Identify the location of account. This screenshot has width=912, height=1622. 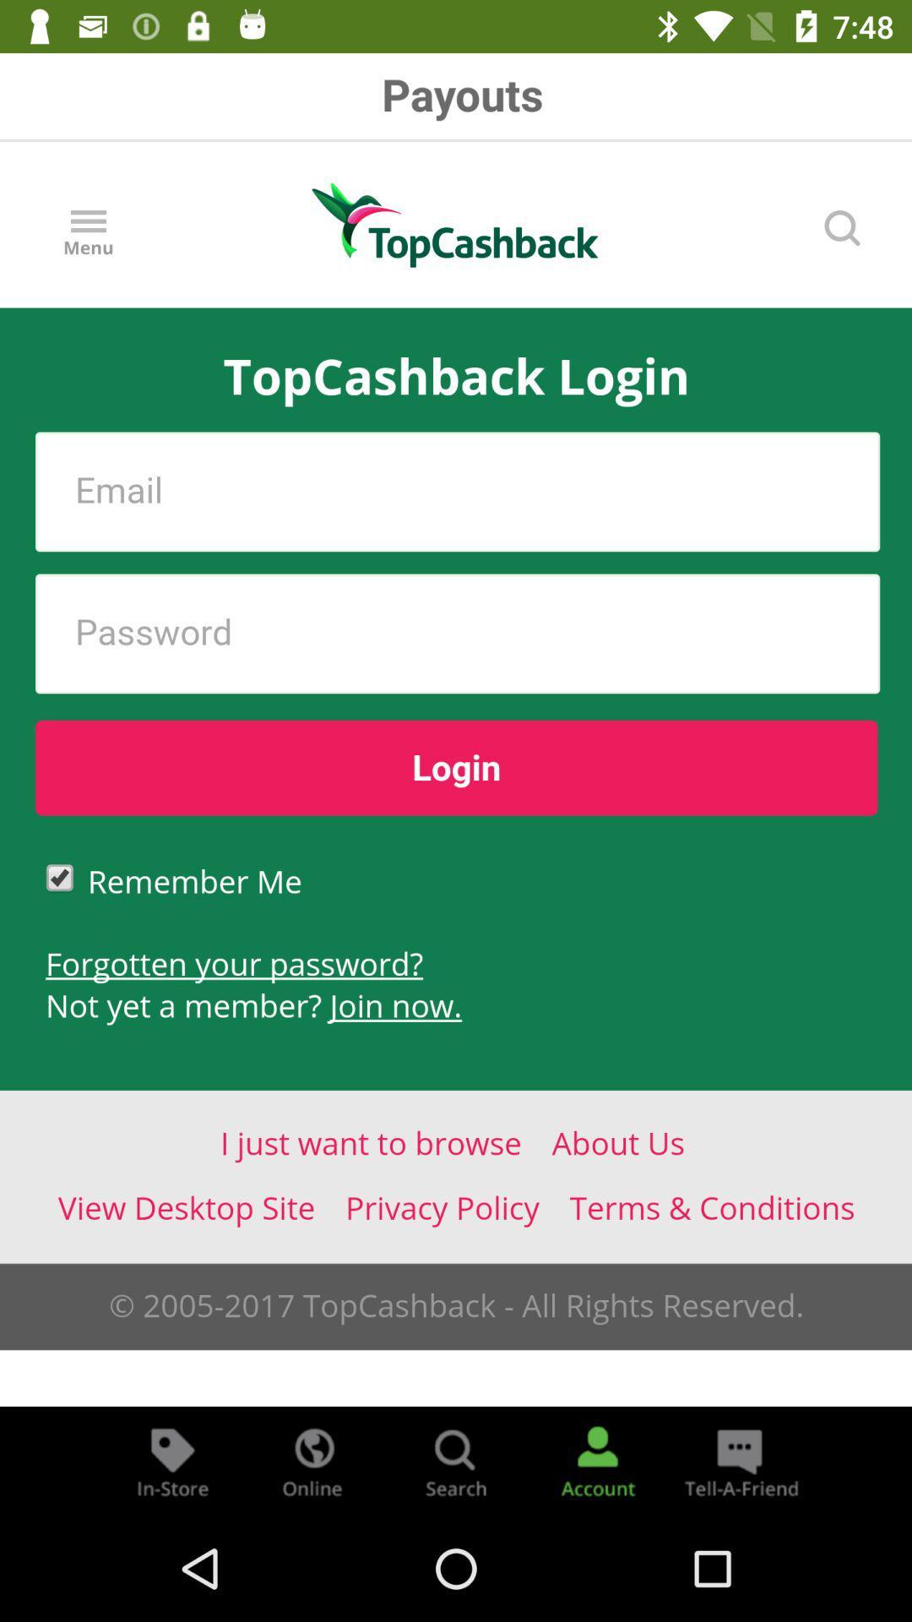
(597, 1460).